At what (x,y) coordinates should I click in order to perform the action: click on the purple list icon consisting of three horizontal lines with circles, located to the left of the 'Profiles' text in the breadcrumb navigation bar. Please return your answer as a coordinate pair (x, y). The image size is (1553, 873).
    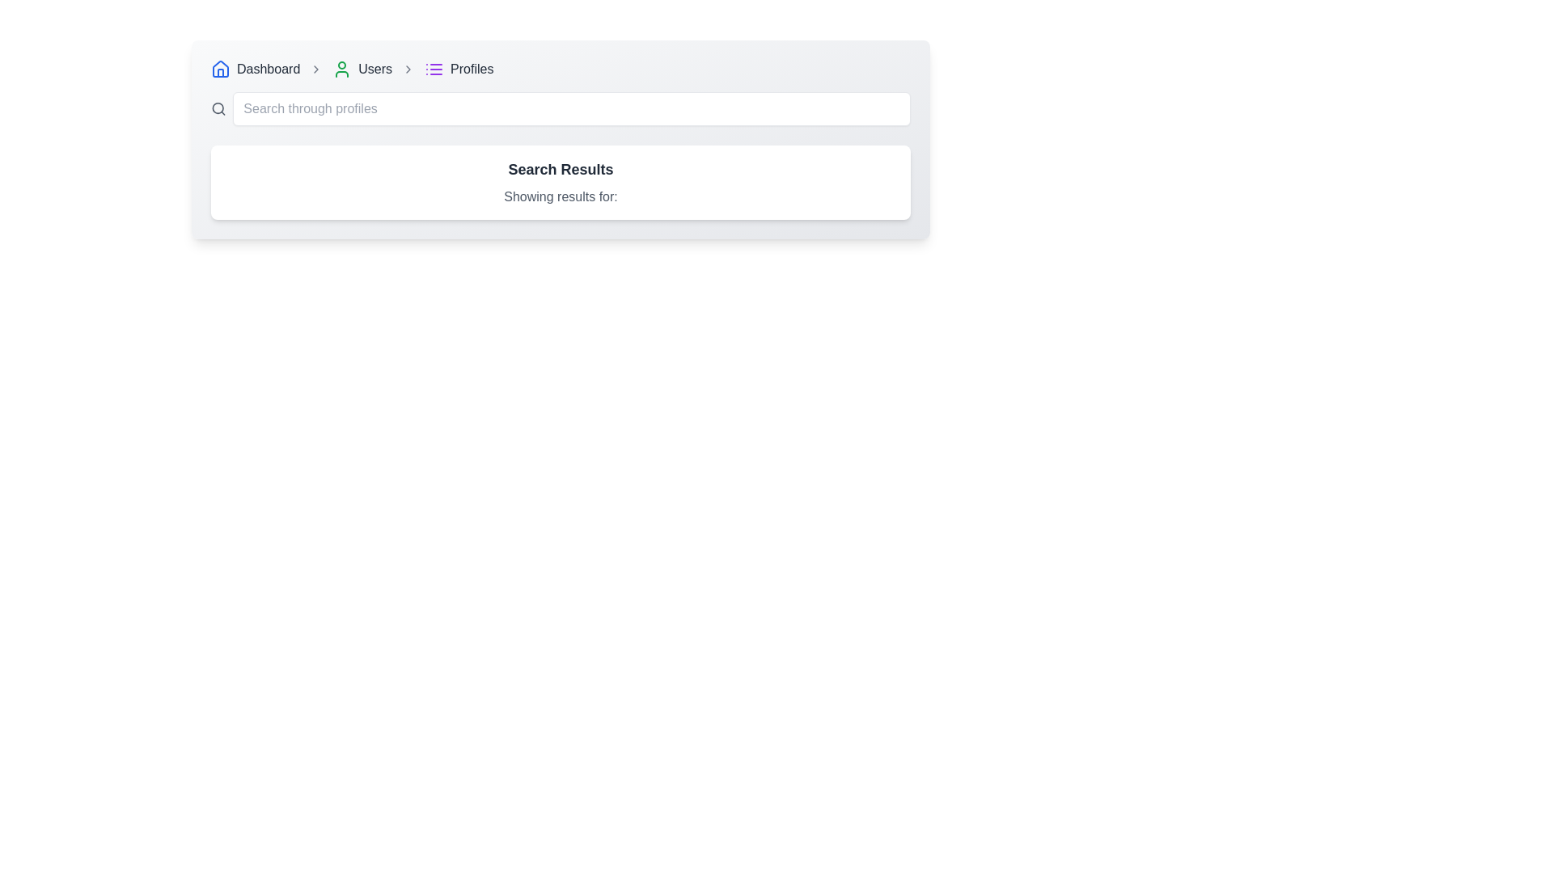
    Looking at the image, I should click on (434, 68).